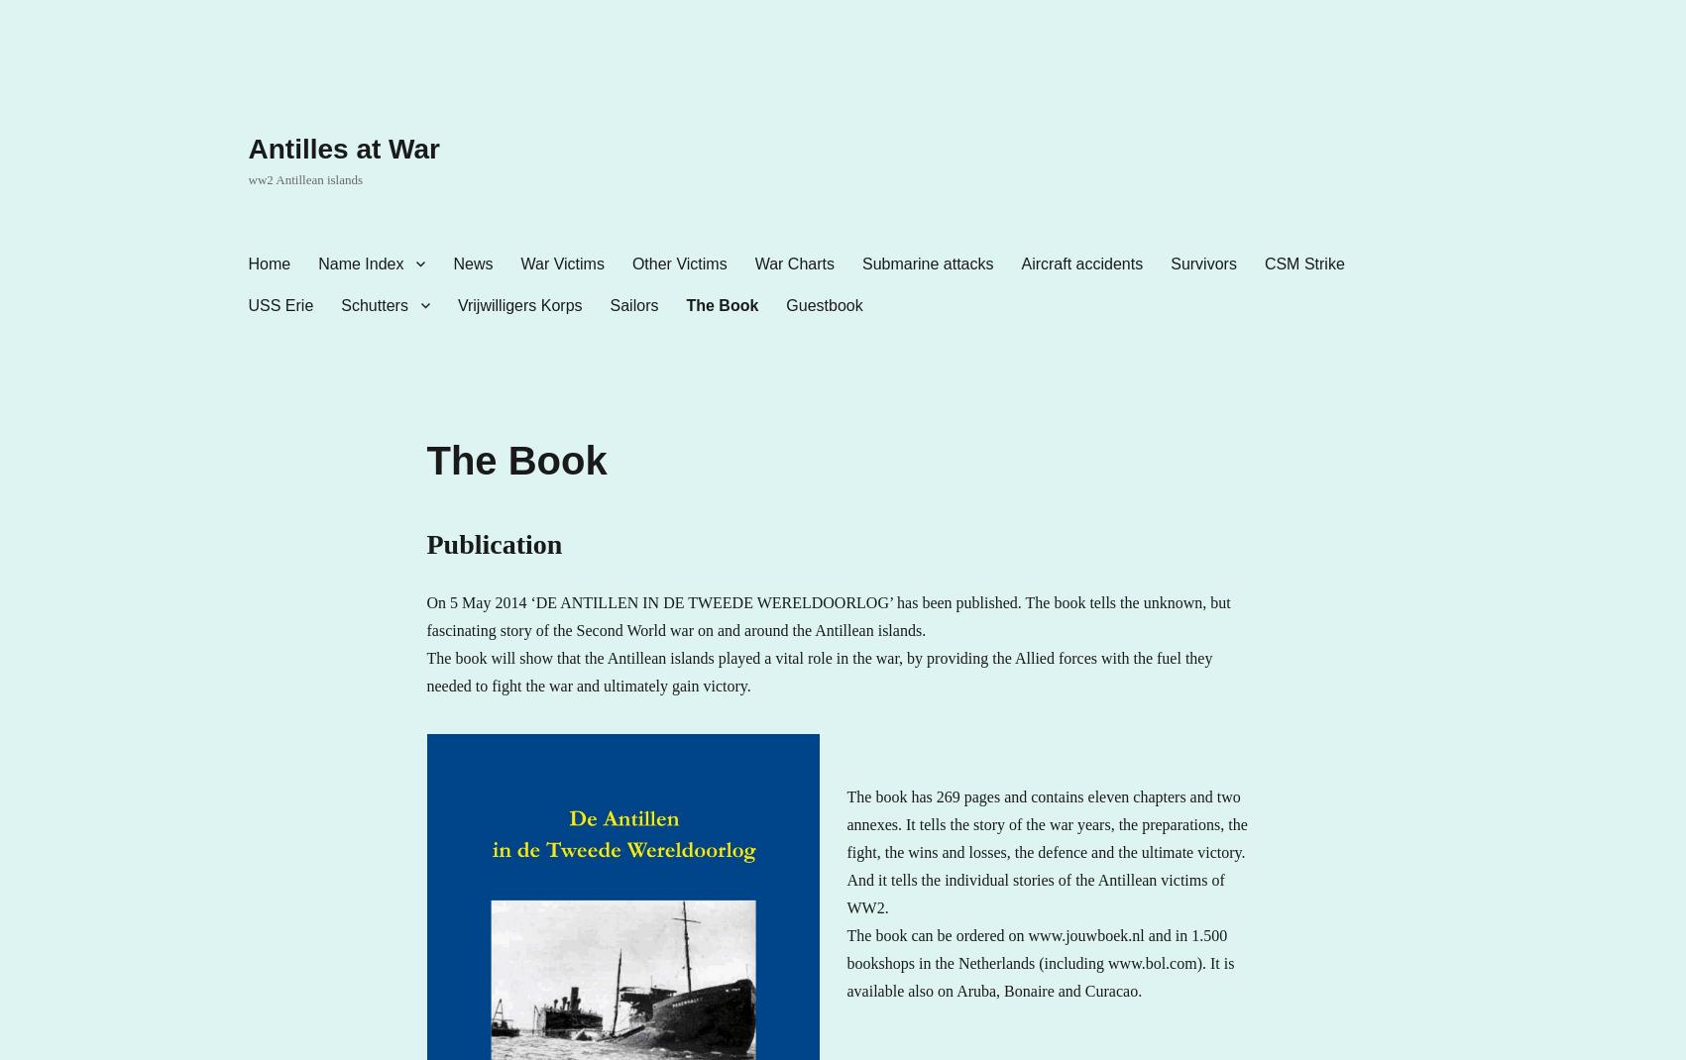 The height and width of the screenshot is (1060, 1686). What do you see at coordinates (926, 262) in the screenshot?
I see `'Submarine attacks'` at bounding box center [926, 262].